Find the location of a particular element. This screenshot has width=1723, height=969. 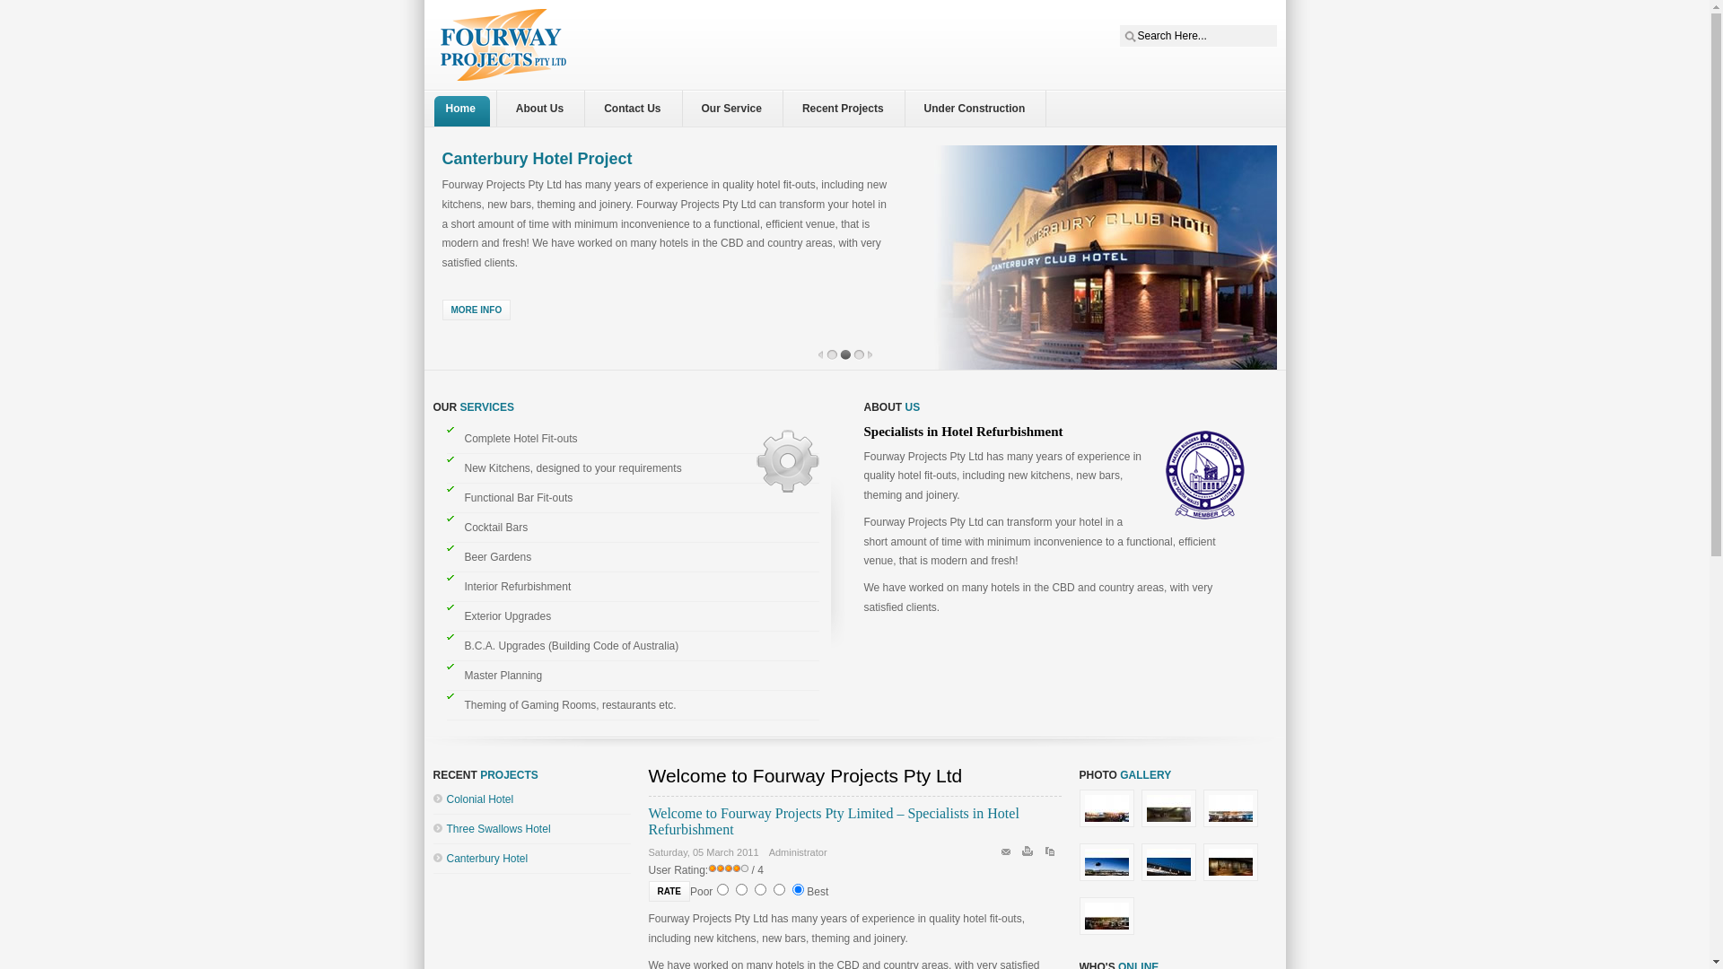

'Photo Gallery' is located at coordinates (1141, 881).